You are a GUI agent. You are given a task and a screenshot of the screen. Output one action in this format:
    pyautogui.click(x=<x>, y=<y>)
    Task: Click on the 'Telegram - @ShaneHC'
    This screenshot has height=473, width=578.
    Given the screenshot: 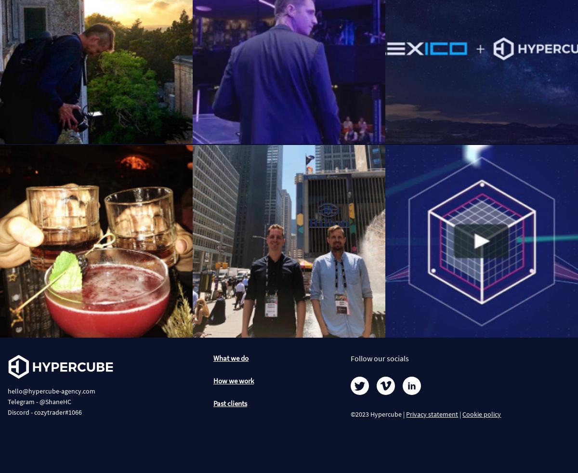 What is the action you would take?
    pyautogui.click(x=39, y=401)
    